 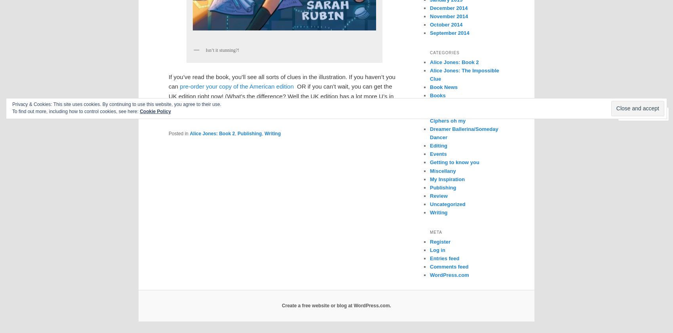 I want to click on 'To find out more, including how to control cookies, see here:', so click(x=12, y=111).